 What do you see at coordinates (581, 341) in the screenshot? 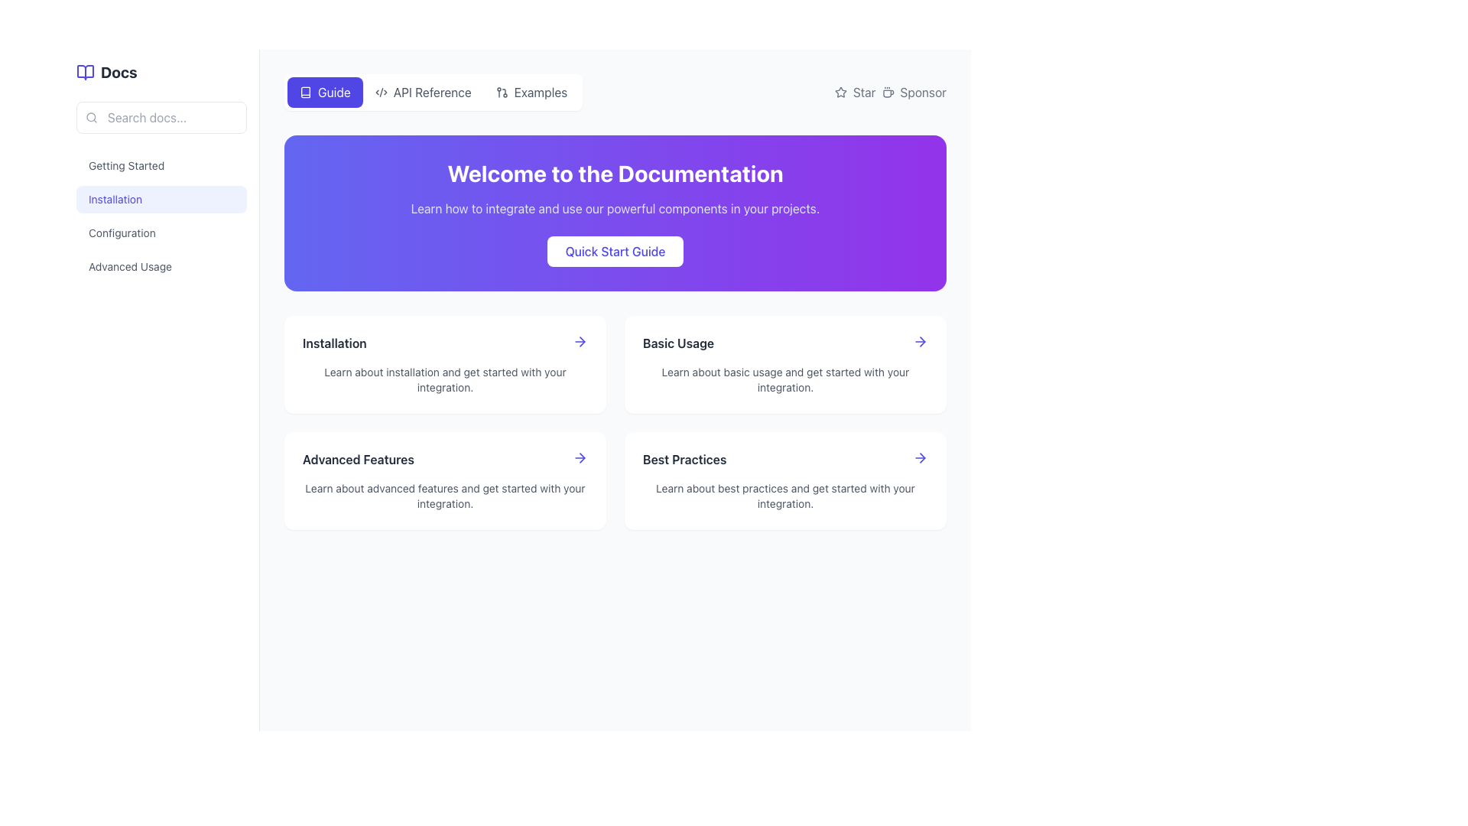
I see `the navigation icon located inside the button group in the right section of the 'Basic Usage' card, second from the left on the second row` at bounding box center [581, 341].